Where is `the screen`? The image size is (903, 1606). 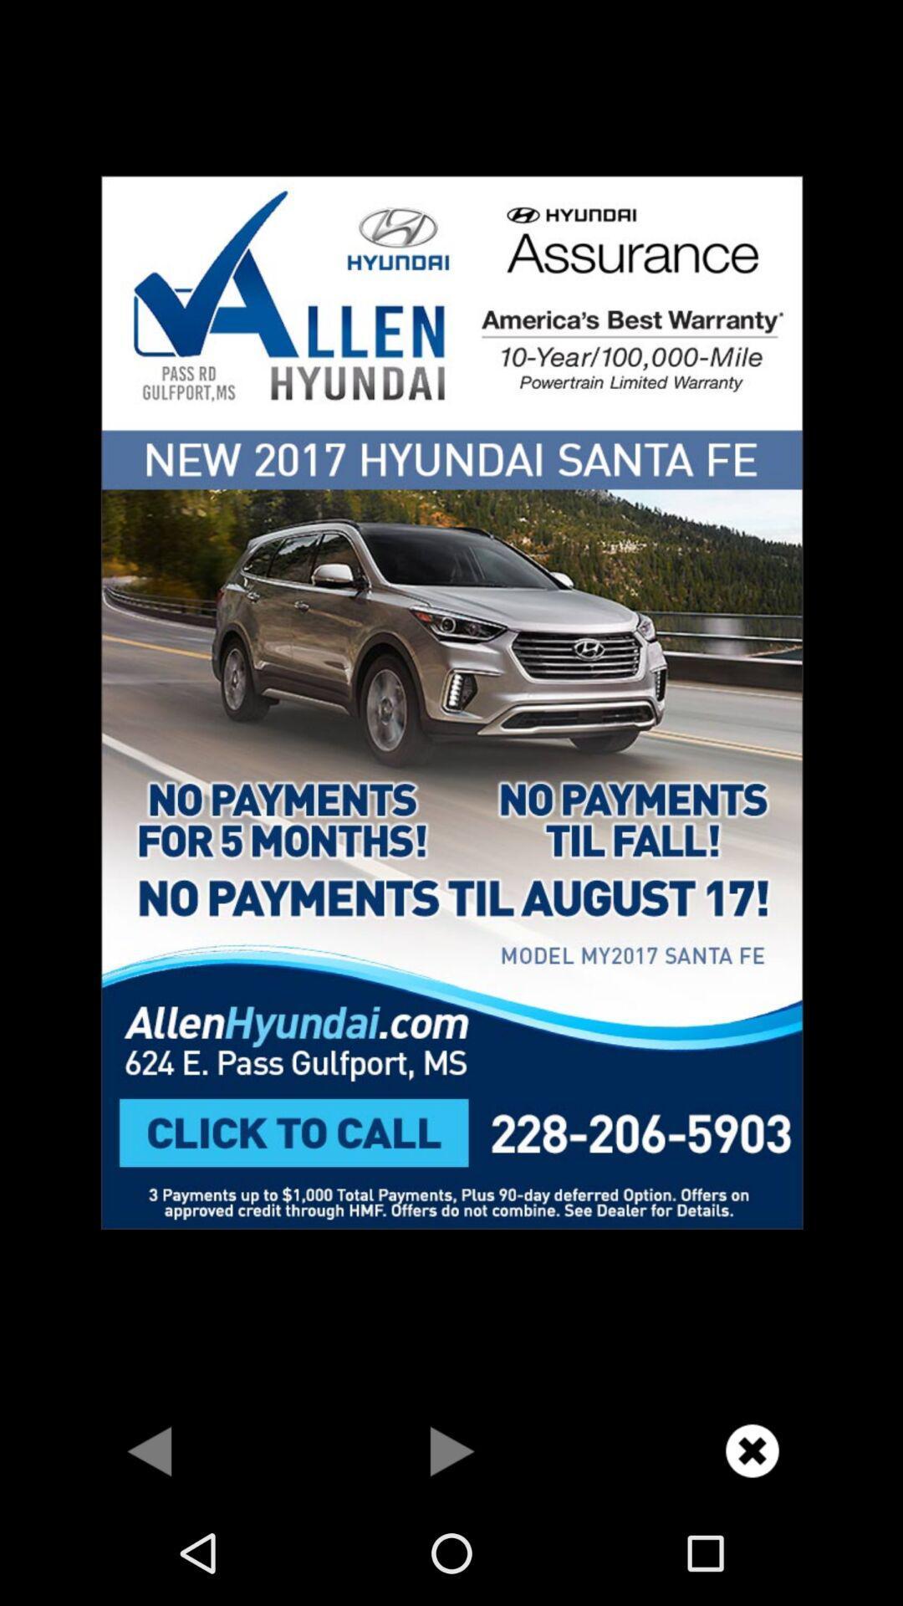 the screen is located at coordinates (751, 1450).